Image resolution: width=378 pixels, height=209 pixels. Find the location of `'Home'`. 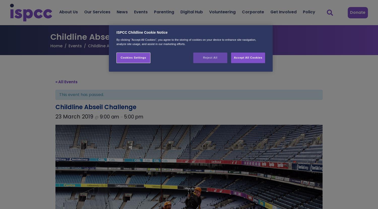

'Home' is located at coordinates (56, 46).